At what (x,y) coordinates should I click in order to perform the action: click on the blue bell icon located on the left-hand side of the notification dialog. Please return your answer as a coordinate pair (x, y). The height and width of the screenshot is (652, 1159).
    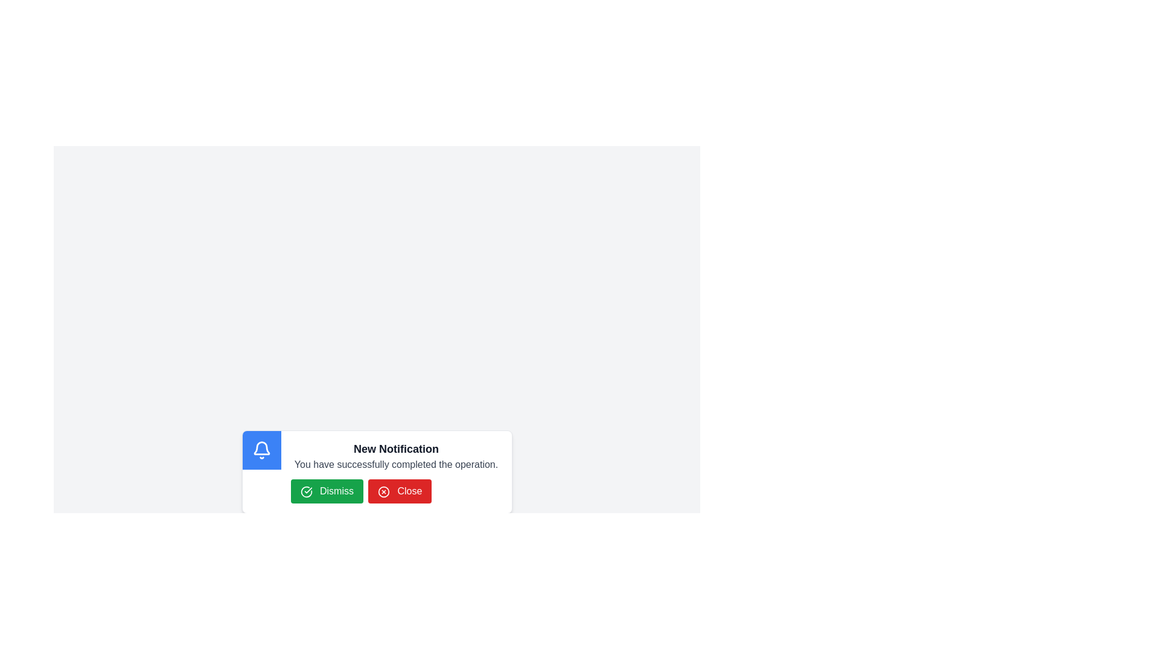
    Looking at the image, I should click on (261, 450).